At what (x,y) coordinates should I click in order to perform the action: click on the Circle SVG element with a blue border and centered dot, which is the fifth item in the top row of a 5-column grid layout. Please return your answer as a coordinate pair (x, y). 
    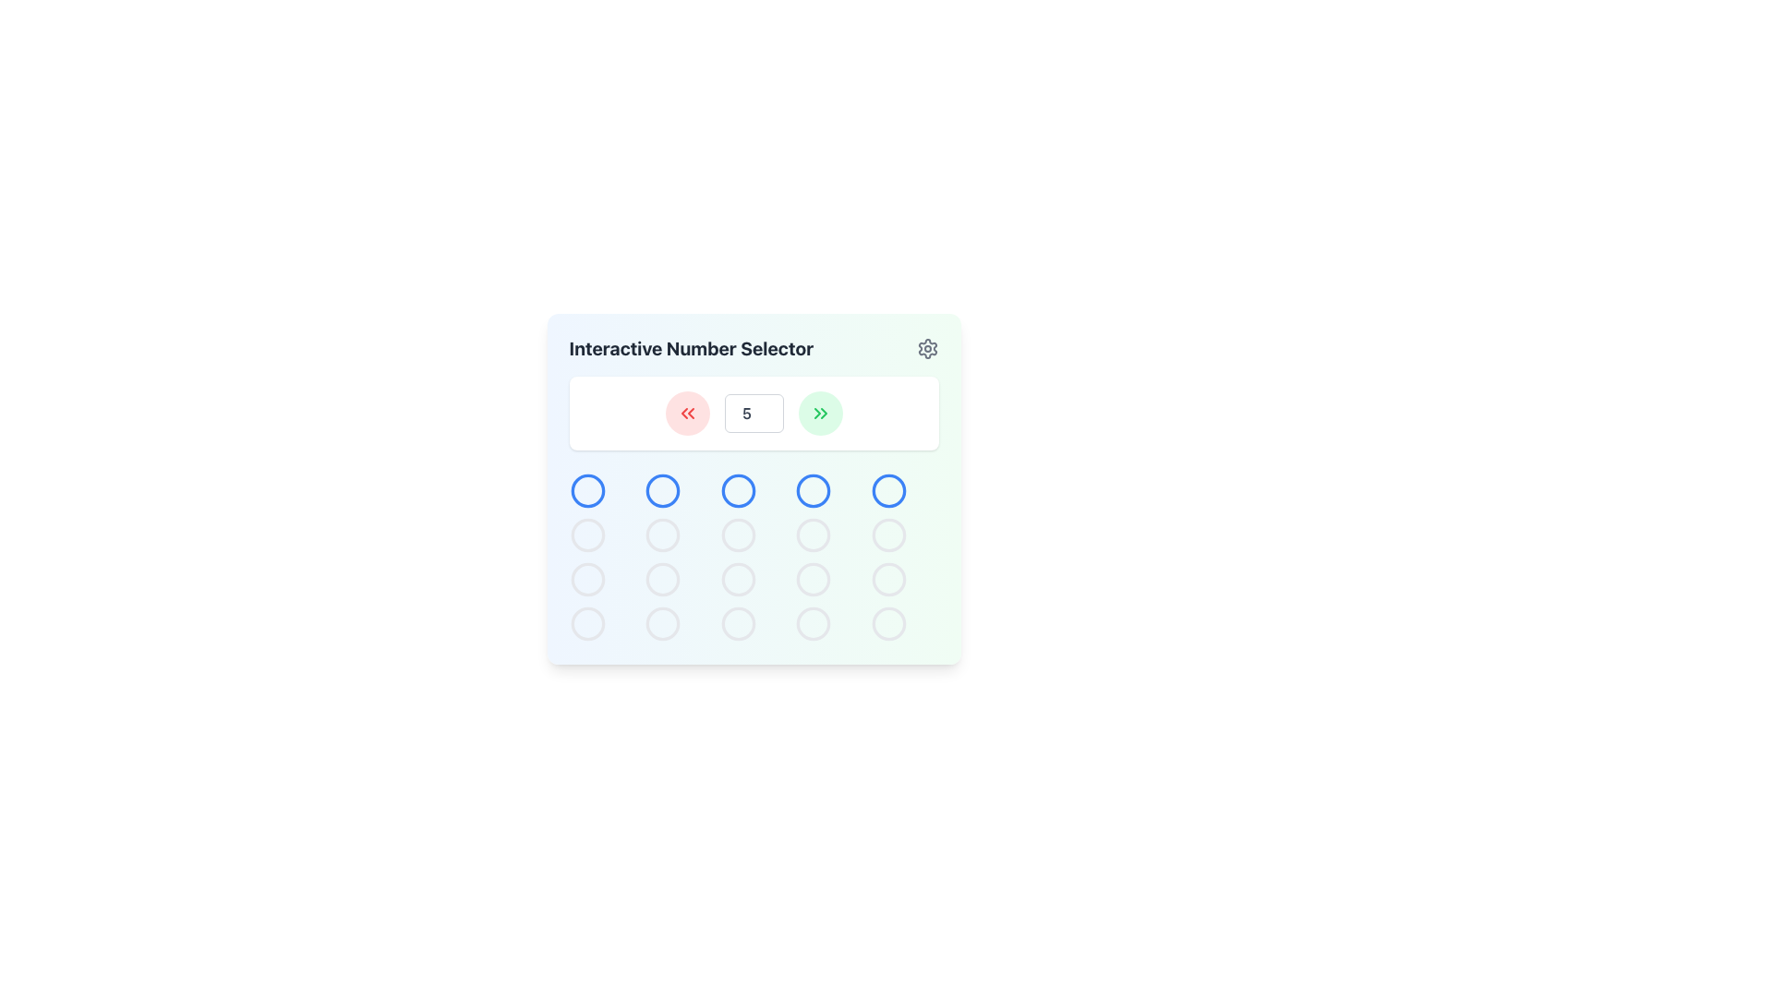
    Looking at the image, I should click on (888, 490).